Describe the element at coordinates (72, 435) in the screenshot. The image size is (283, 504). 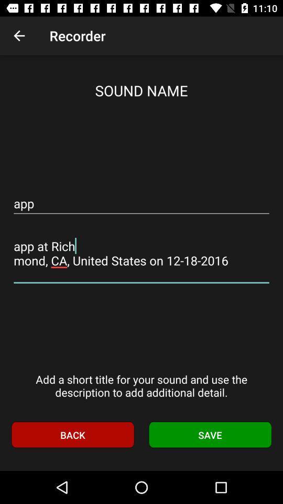
I see `icon to the left of the save icon` at that location.